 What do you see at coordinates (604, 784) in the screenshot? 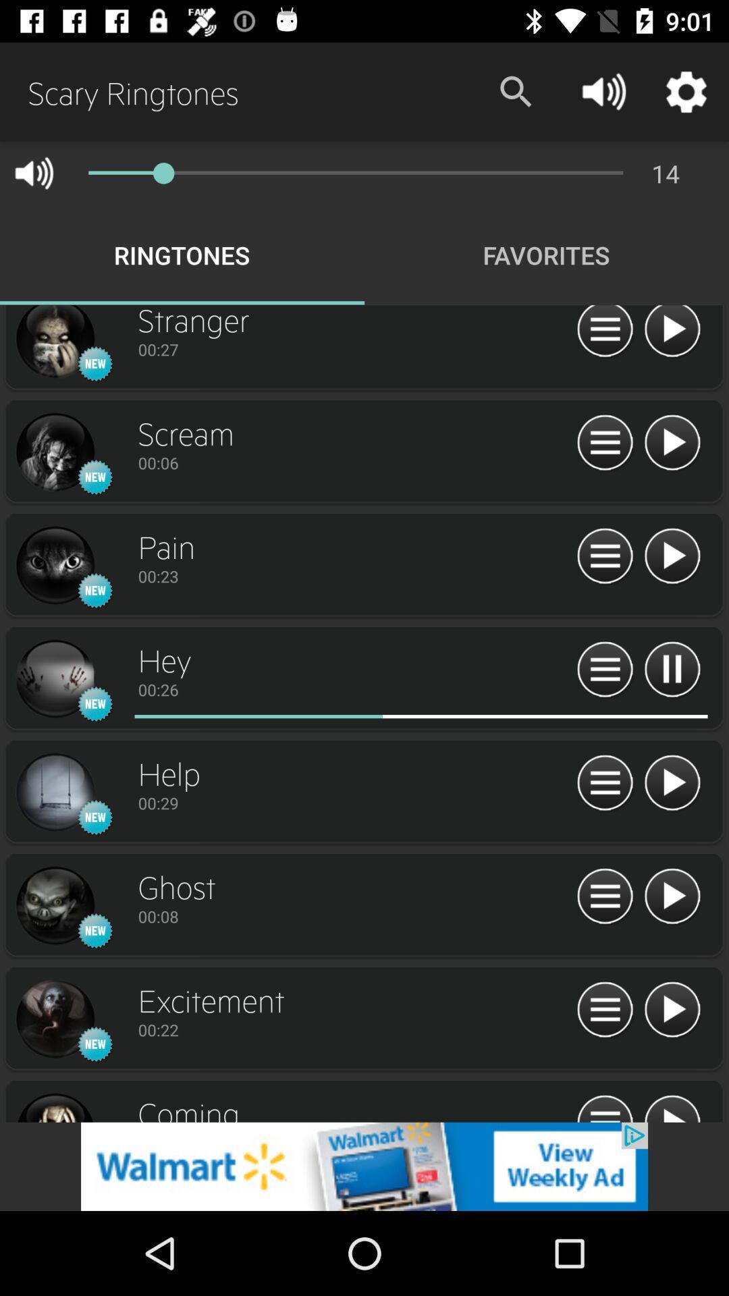
I see `queue option` at bounding box center [604, 784].